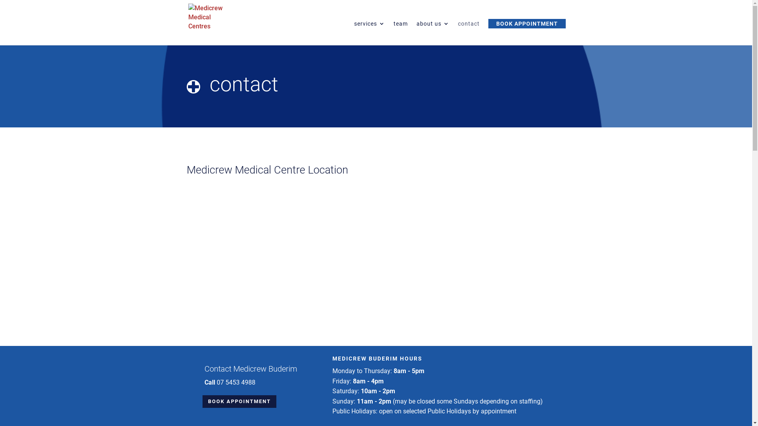  Describe the element at coordinates (238, 402) in the screenshot. I see `'BOOK APPOINTMENT'` at that location.